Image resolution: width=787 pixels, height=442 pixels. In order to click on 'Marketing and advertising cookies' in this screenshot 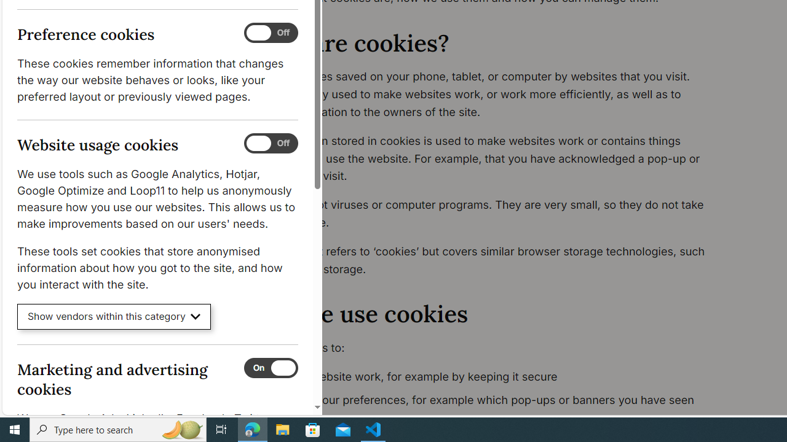, I will do `click(270, 367)`.